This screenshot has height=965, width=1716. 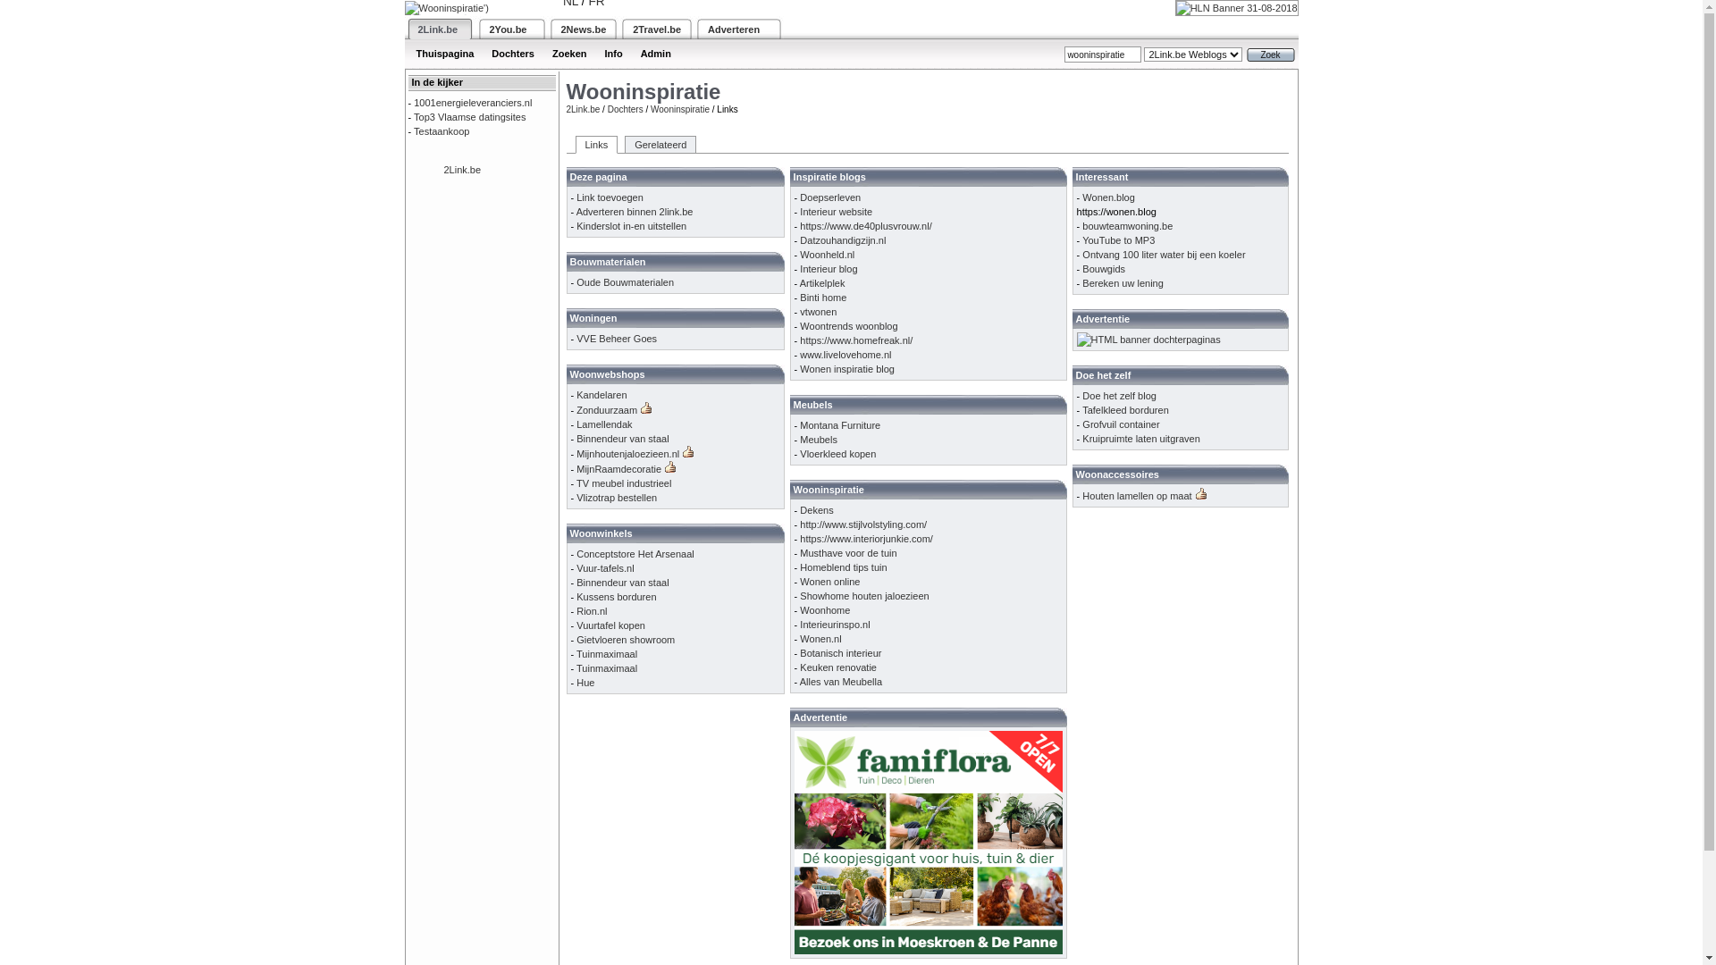 What do you see at coordinates (815, 509) in the screenshot?
I see `'Dekens'` at bounding box center [815, 509].